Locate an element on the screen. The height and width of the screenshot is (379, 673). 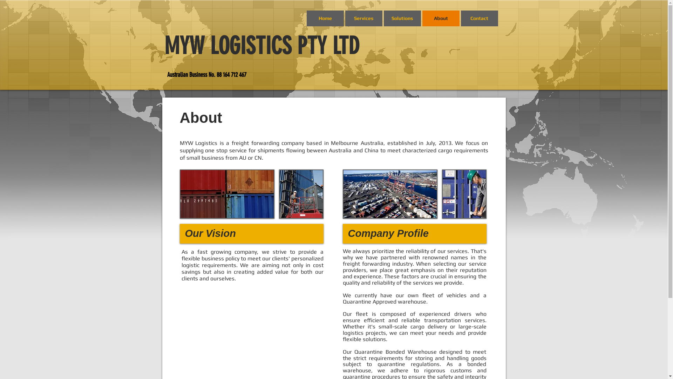
'Services' is located at coordinates (363, 18).